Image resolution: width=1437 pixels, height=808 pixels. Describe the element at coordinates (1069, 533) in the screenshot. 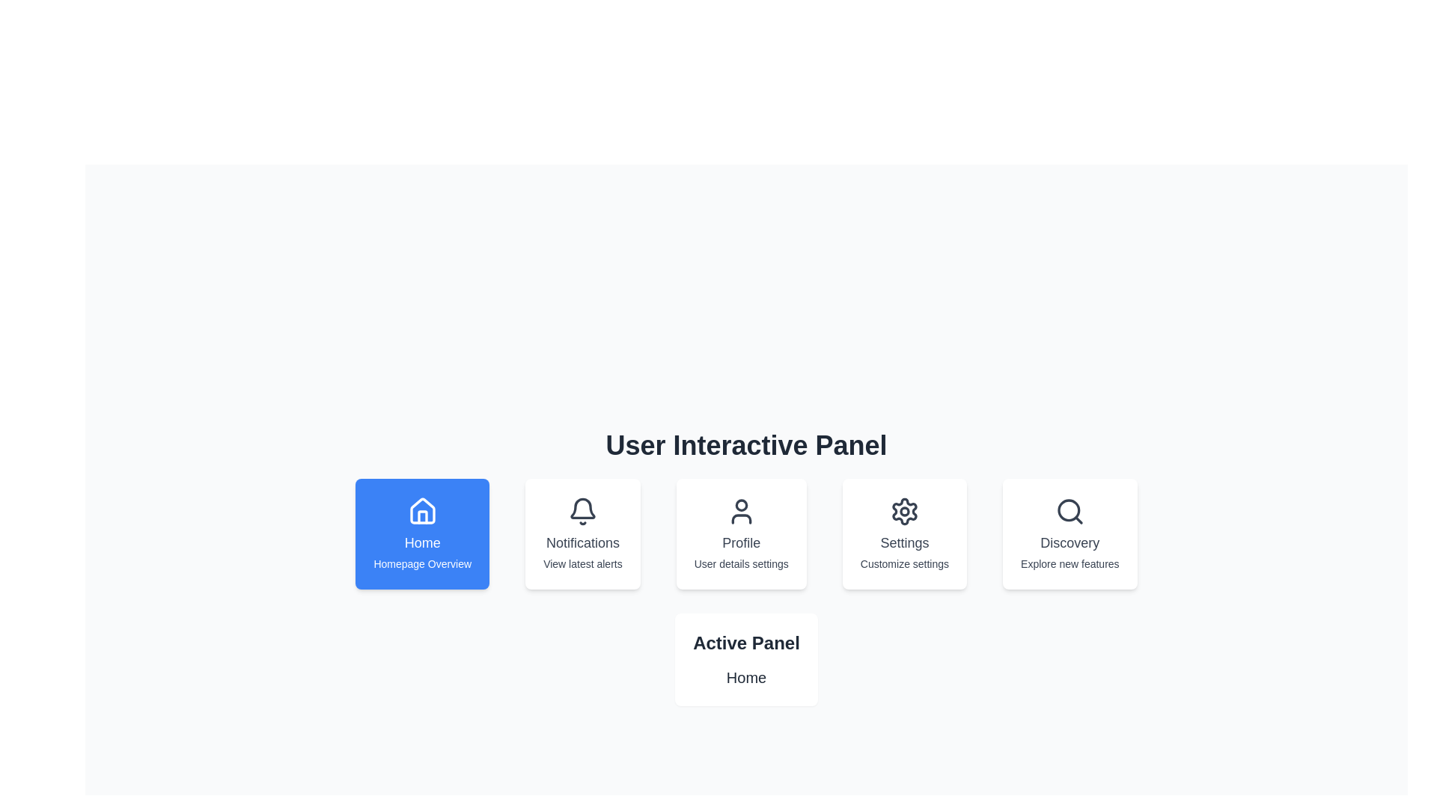

I see `the clickable card located at the far right of a horizontal row of five cards` at that location.